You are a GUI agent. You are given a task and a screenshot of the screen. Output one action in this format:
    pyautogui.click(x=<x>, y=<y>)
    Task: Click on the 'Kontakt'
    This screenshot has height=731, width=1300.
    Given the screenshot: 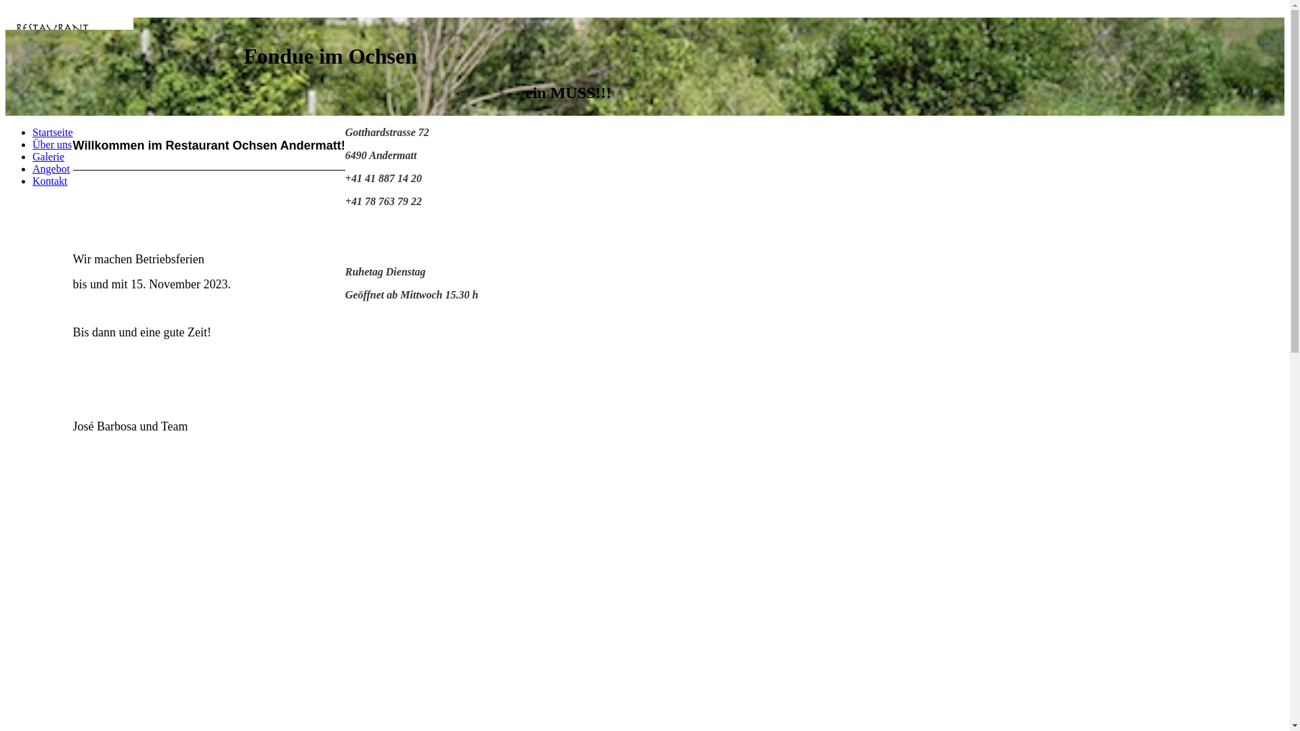 What is the action you would take?
    pyautogui.click(x=49, y=180)
    